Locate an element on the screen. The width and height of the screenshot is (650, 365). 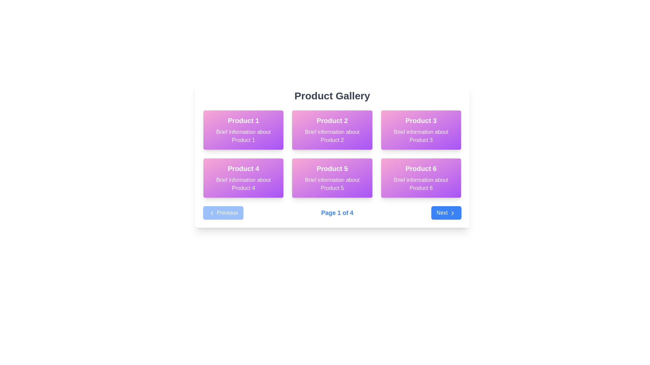
the Information Card displaying 'Product 3' with a gradient background in the top-right corner of the grid is located at coordinates (420, 130).